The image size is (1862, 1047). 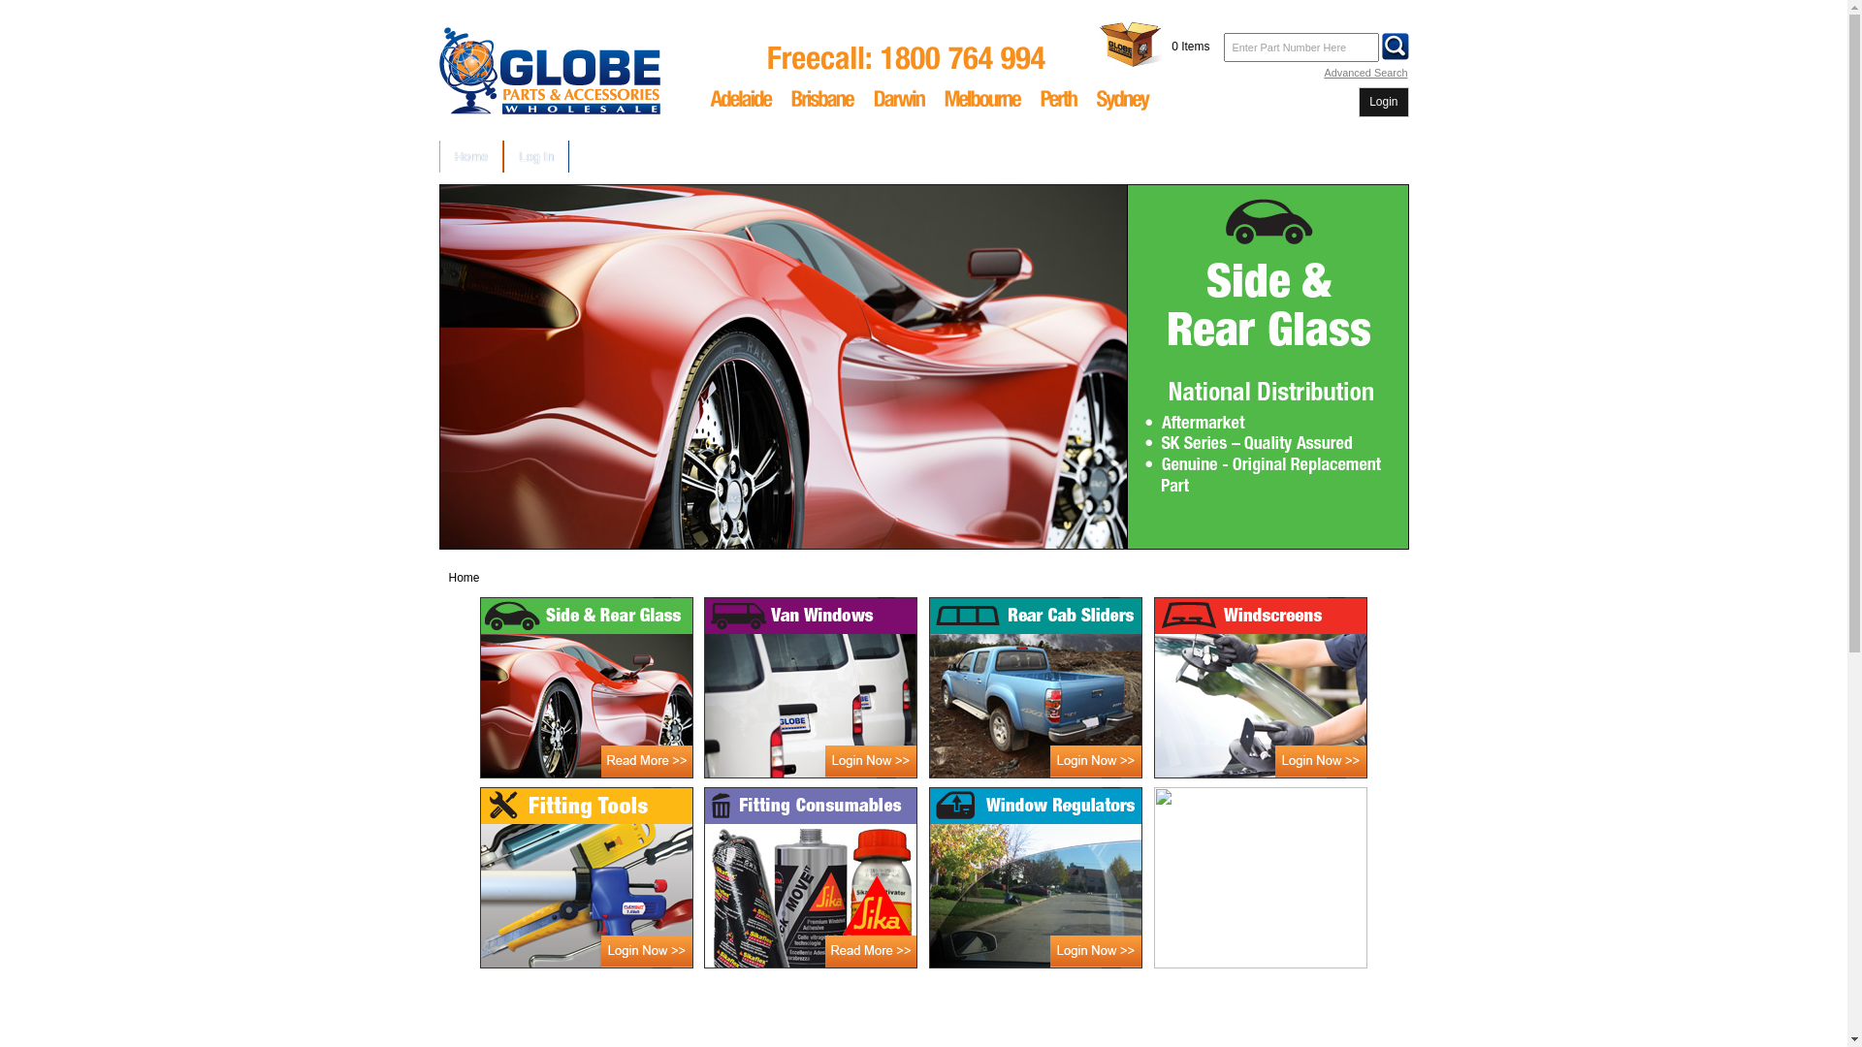 I want to click on 'Log In', so click(x=535, y=155).